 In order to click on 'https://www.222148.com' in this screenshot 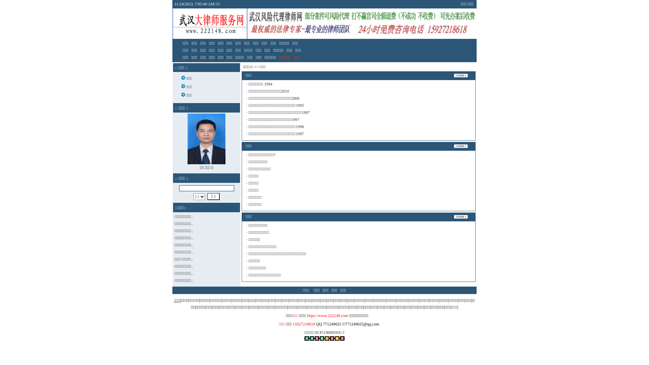, I will do `click(327, 315)`.